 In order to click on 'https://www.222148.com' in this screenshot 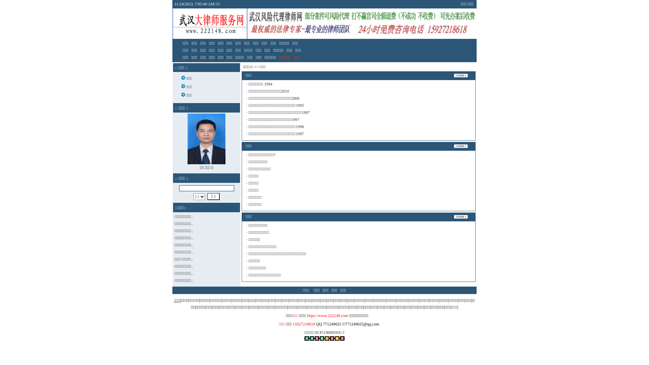, I will do `click(327, 315)`.